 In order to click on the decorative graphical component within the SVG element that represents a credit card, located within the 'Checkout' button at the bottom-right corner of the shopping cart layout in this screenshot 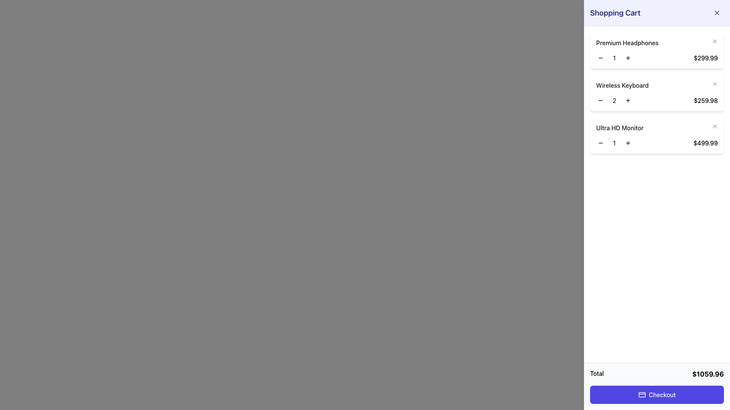, I will do `click(641, 394)`.